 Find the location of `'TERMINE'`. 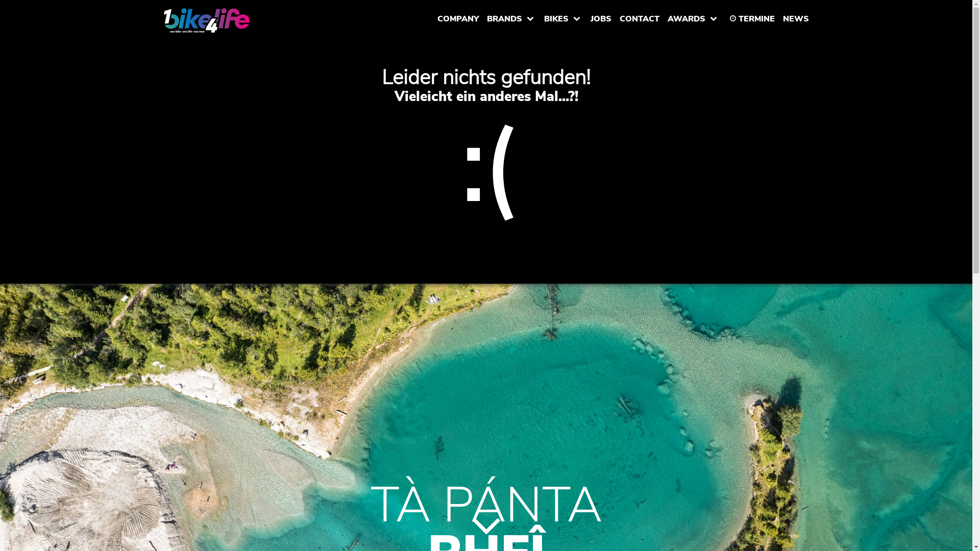

'TERMINE' is located at coordinates (750, 18).